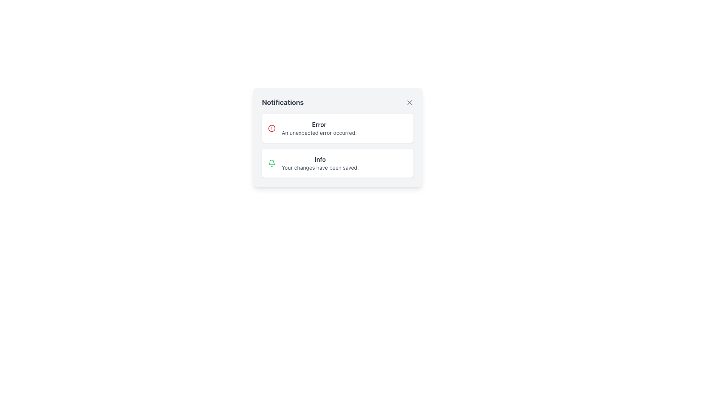 The width and height of the screenshot is (727, 409). Describe the element at coordinates (320, 159) in the screenshot. I see `bold black-text label 'Info' located in the second notification card above the description text 'Your changes have been saved.'` at that location.